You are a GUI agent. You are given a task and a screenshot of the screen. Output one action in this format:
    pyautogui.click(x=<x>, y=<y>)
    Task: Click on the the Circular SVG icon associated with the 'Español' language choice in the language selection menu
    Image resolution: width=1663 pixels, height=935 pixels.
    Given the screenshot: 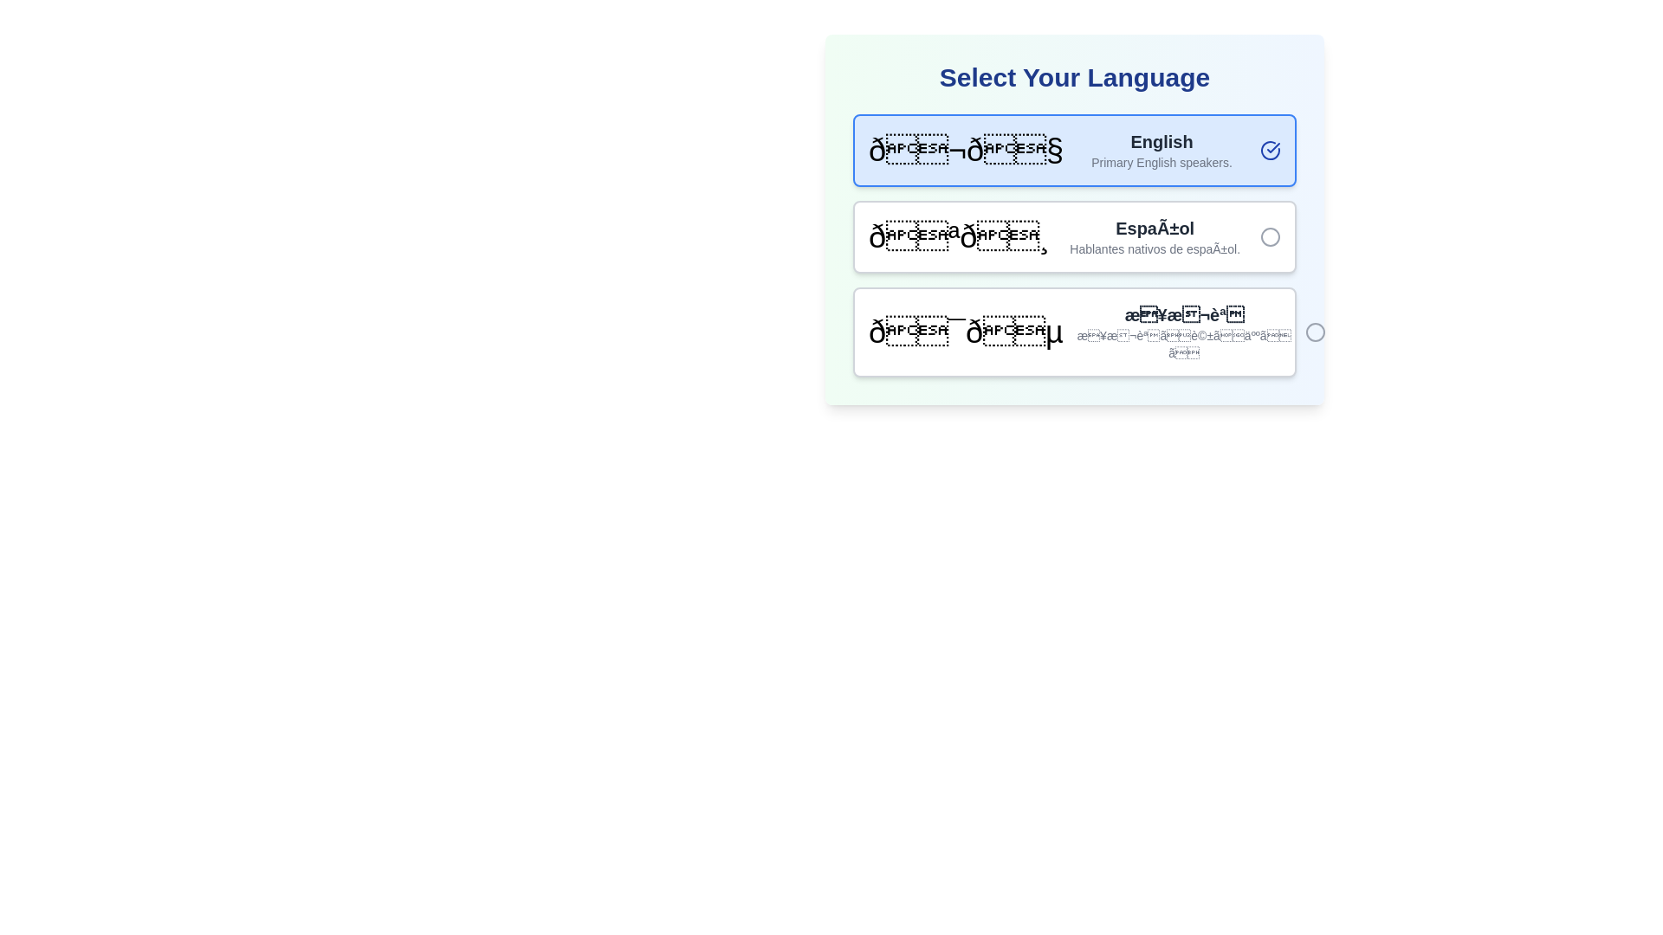 What is the action you would take?
    pyautogui.click(x=1271, y=236)
    